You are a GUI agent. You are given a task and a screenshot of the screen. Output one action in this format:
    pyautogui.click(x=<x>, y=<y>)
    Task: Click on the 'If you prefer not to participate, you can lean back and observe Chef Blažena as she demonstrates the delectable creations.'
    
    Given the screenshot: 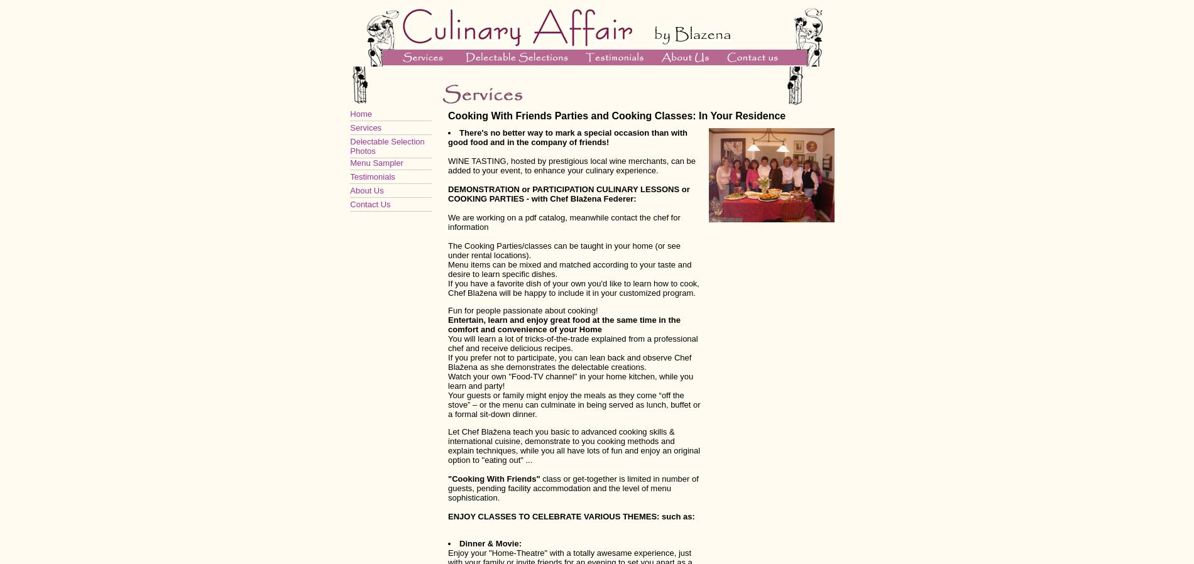 What is the action you would take?
    pyautogui.click(x=447, y=361)
    